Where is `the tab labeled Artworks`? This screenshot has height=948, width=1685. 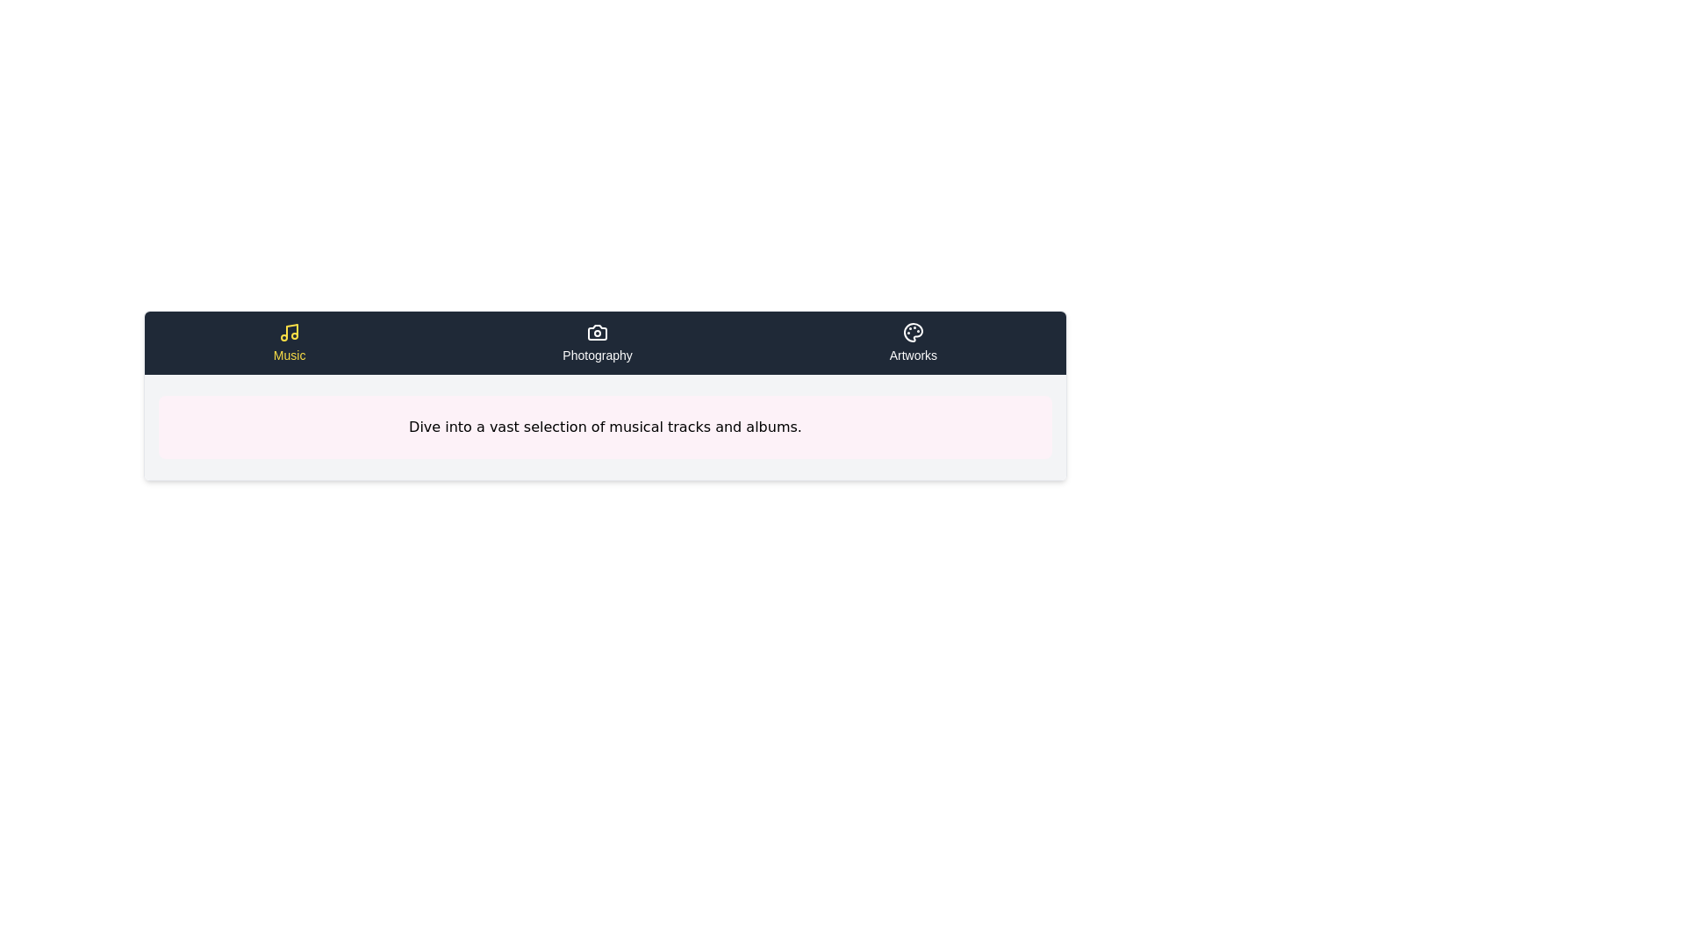 the tab labeled Artworks is located at coordinates (913, 342).